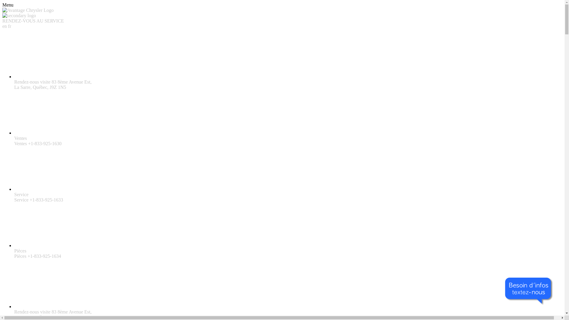 Image resolution: width=569 pixels, height=320 pixels. I want to click on 'en', so click(5, 26).